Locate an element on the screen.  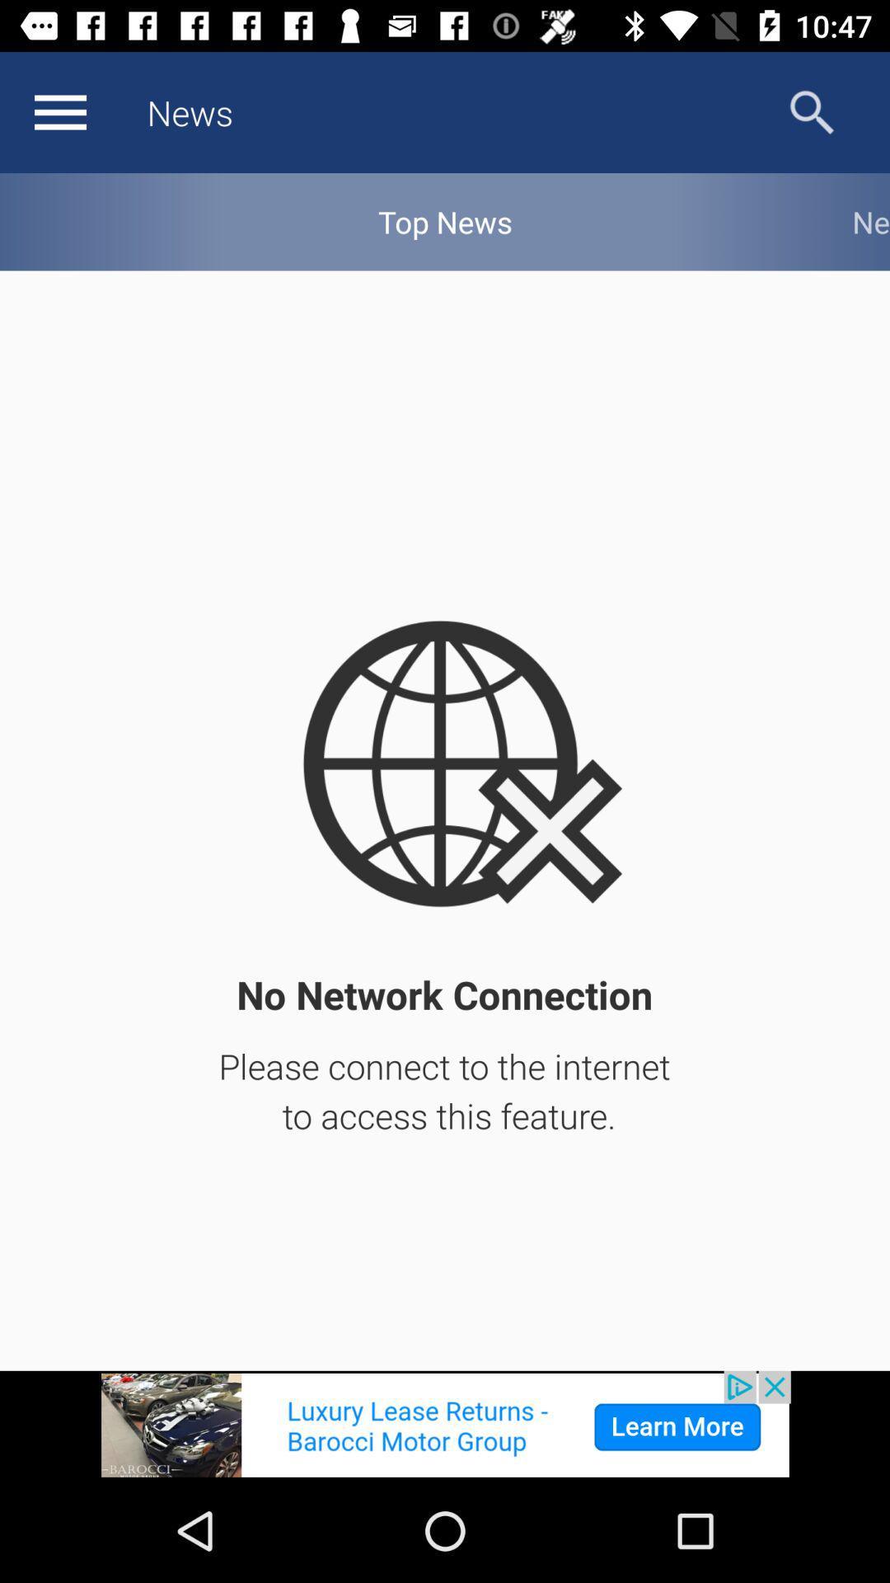
storage is located at coordinates (59, 111).